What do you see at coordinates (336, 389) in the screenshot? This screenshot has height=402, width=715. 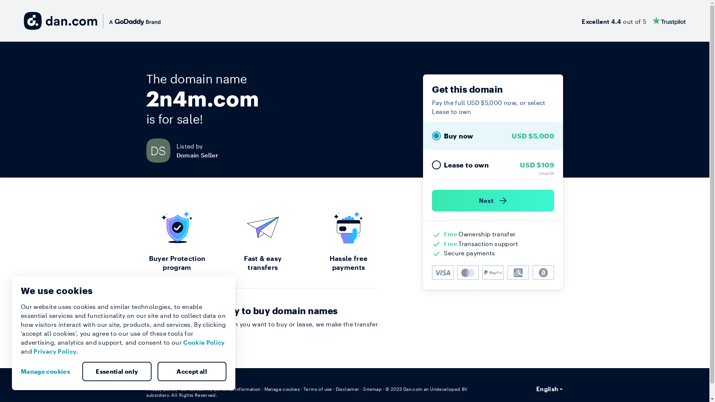 I see `'Disclaimer'` at bounding box center [336, 389].